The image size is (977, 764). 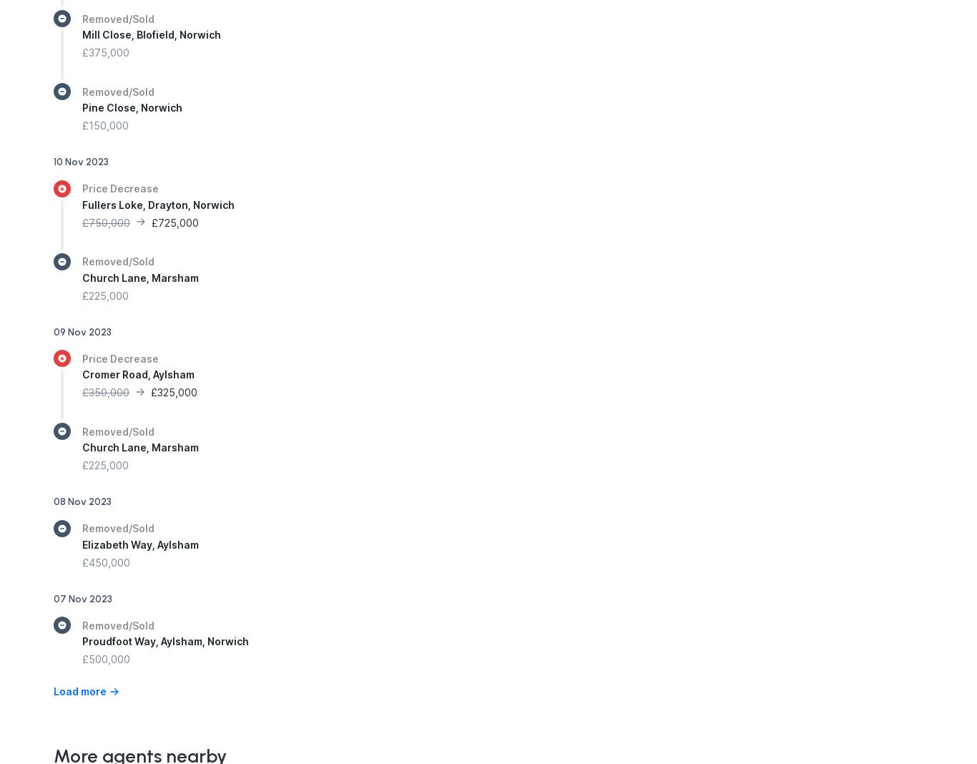 What do you see at coordinates (82, 203) in the screenshot?
I see `'Fullers Loke, Drayton, Norwich'` at bounding box center [82, 203].